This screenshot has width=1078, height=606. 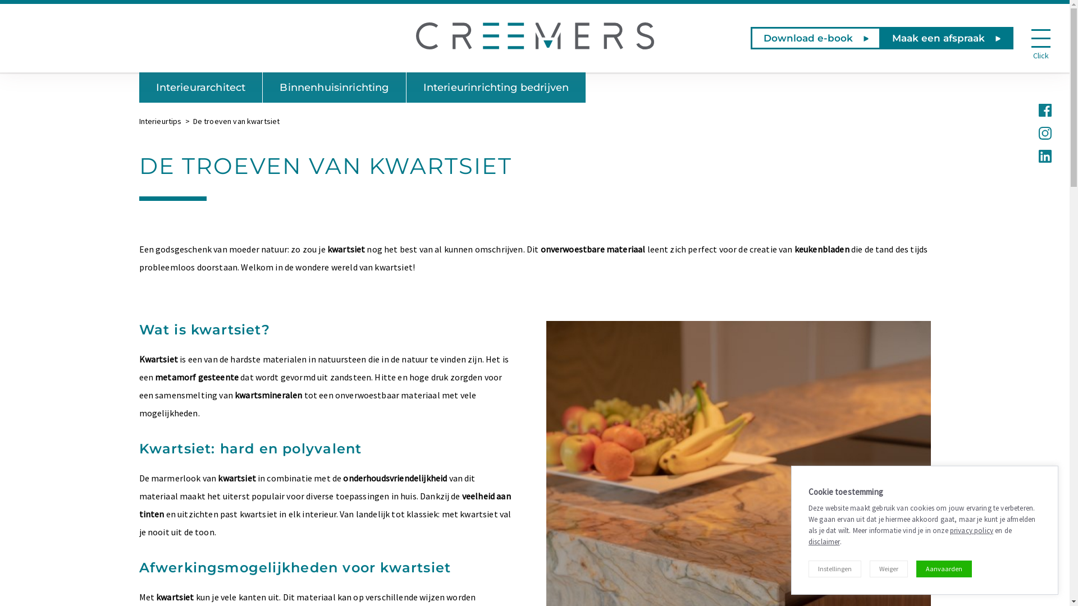 What do you see at coordinates (1037, 155) in the screenshot?
I see `'linkedin'` at bounding box center [1037, 155].